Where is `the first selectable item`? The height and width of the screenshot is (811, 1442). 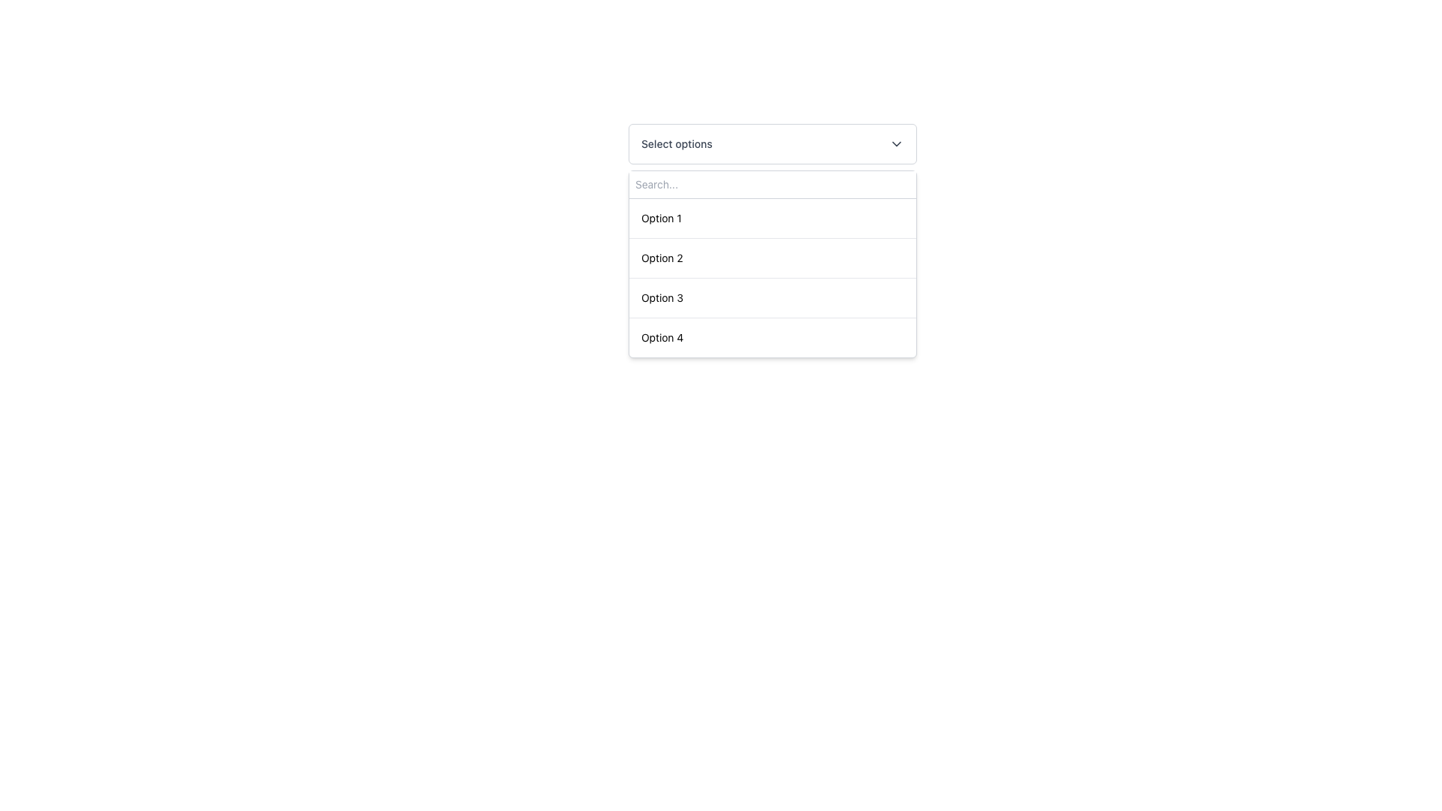
the first selectable item is located at coordinates (772, 218).